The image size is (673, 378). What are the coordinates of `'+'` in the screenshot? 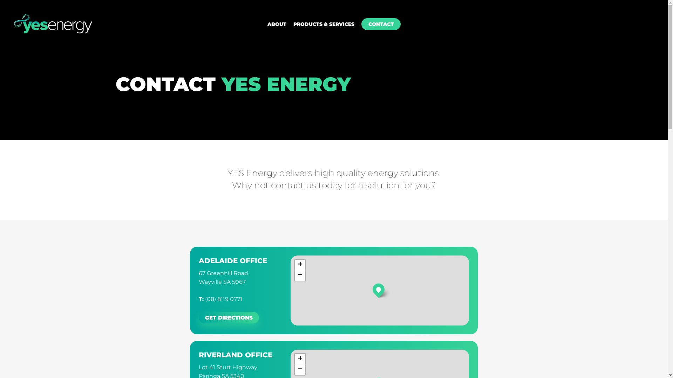 It's located at (300, 265).